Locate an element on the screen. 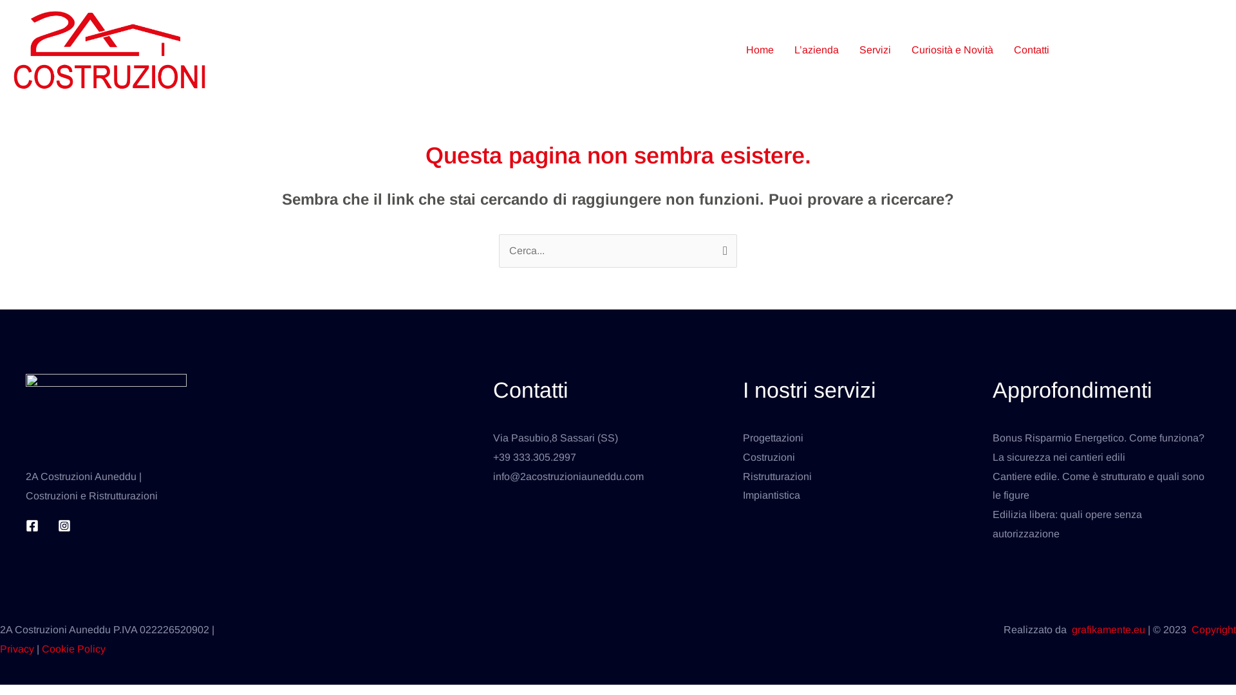 This screenshot has width=1236, height=695. 'Impiantistica' is located at coordinates (771, 494).